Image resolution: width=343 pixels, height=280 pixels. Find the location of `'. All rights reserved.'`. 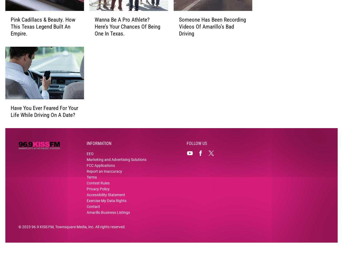

'. All rights reserved.' is located at coordinates (109, 235).